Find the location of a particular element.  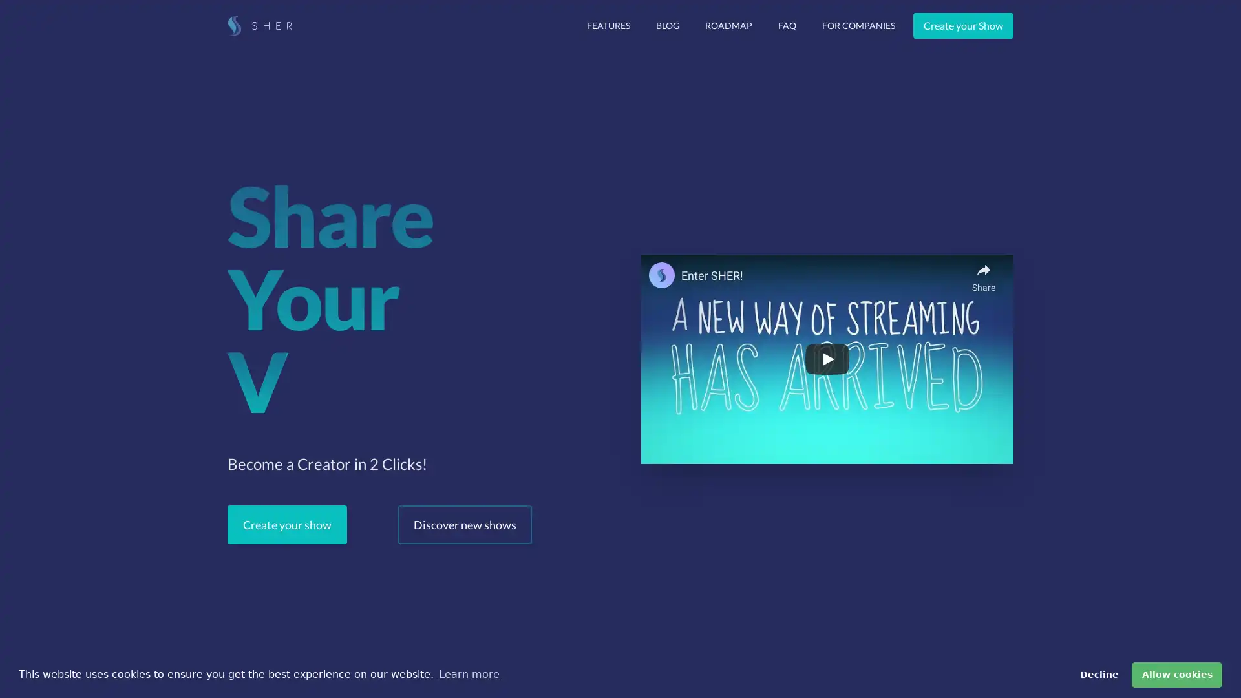

Create your show is located at coordinates (286, 525).